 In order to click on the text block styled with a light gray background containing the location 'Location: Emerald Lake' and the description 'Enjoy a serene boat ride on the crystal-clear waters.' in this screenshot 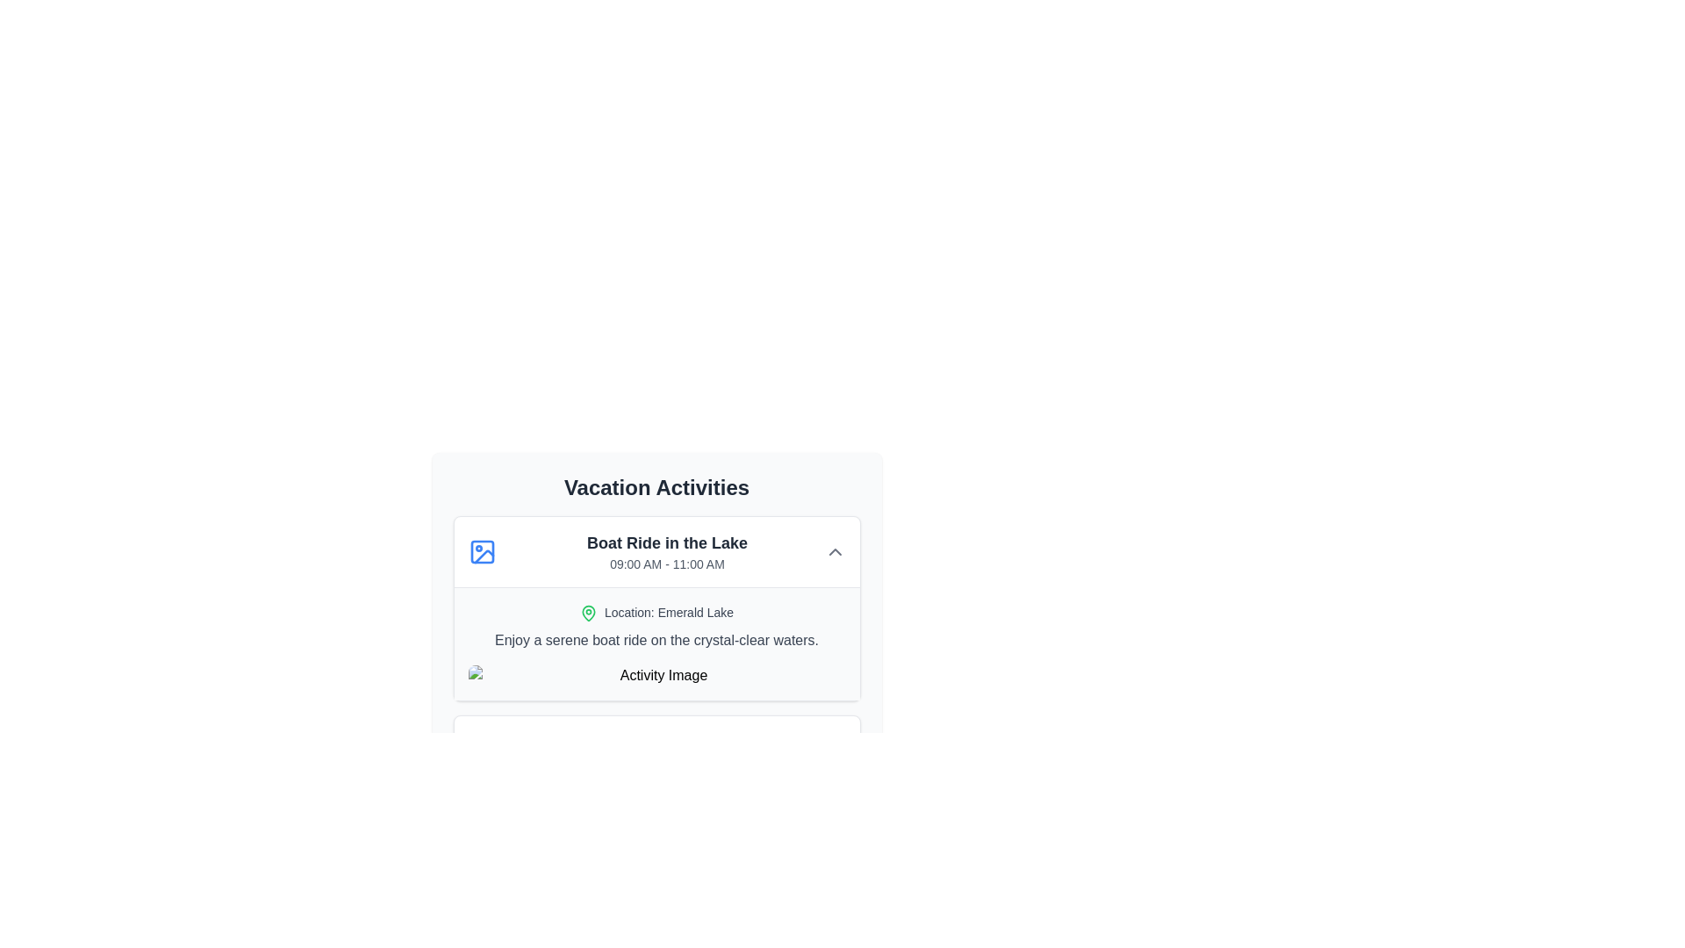, I will do `click(656, 643)`.